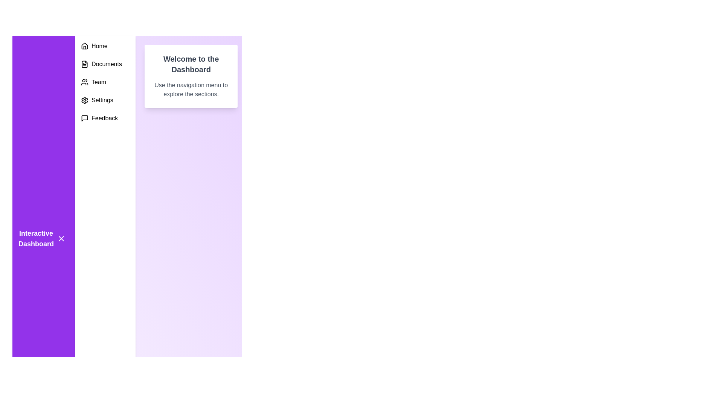 The image size is (723, 406). I want to click on the Static informational card located at the top center of the main content area, which serves as an introductory message for users of the dashboard, so click(191, 76).